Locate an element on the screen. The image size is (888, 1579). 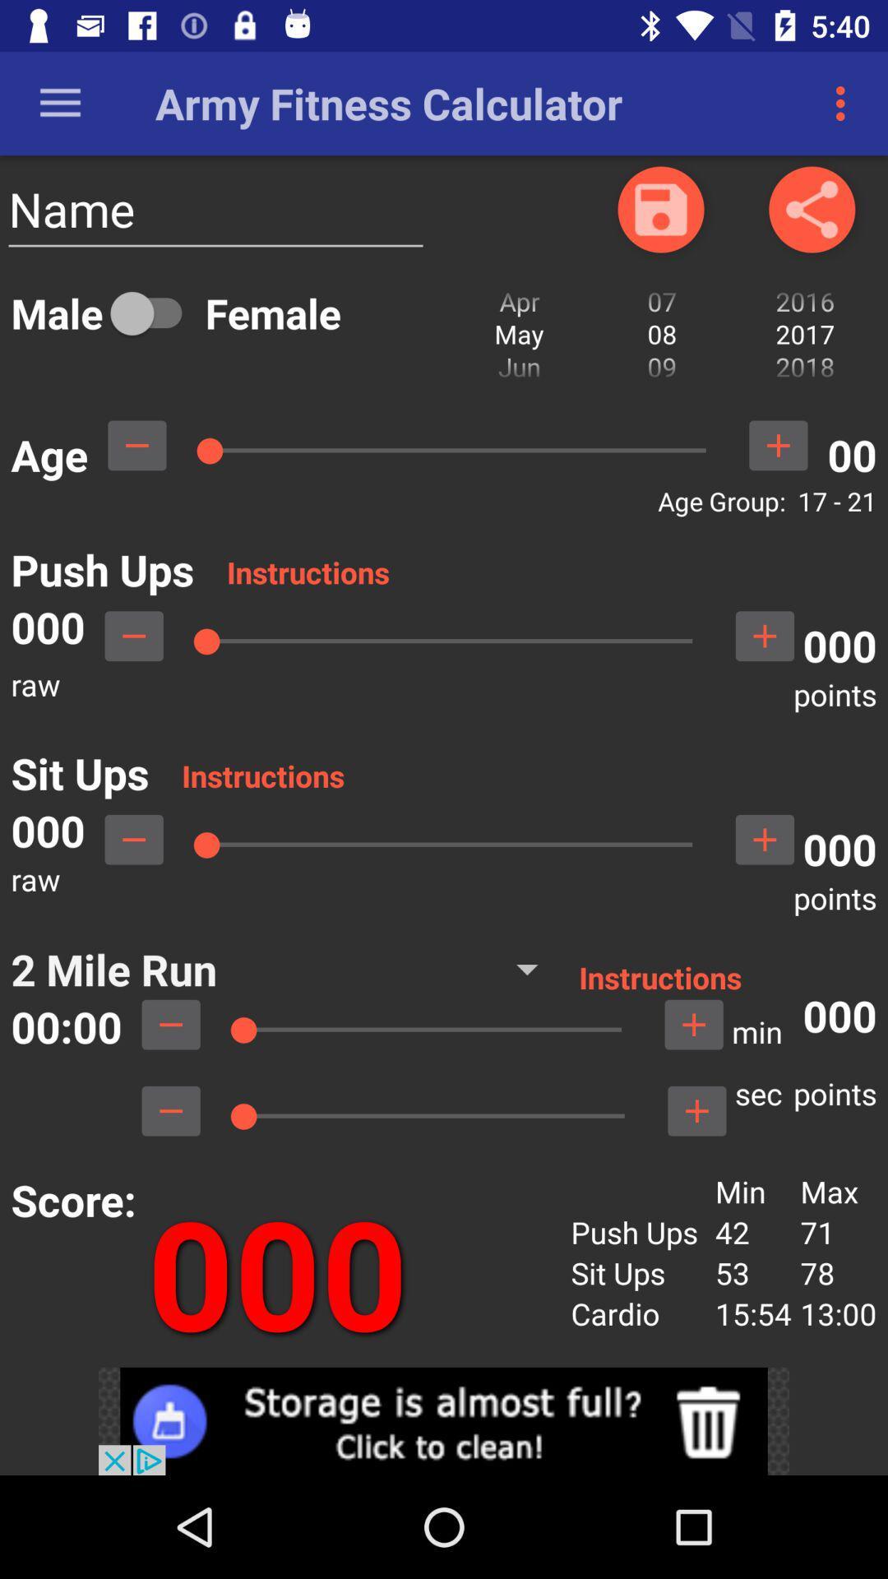
gender is located at coordinates (154, 313).